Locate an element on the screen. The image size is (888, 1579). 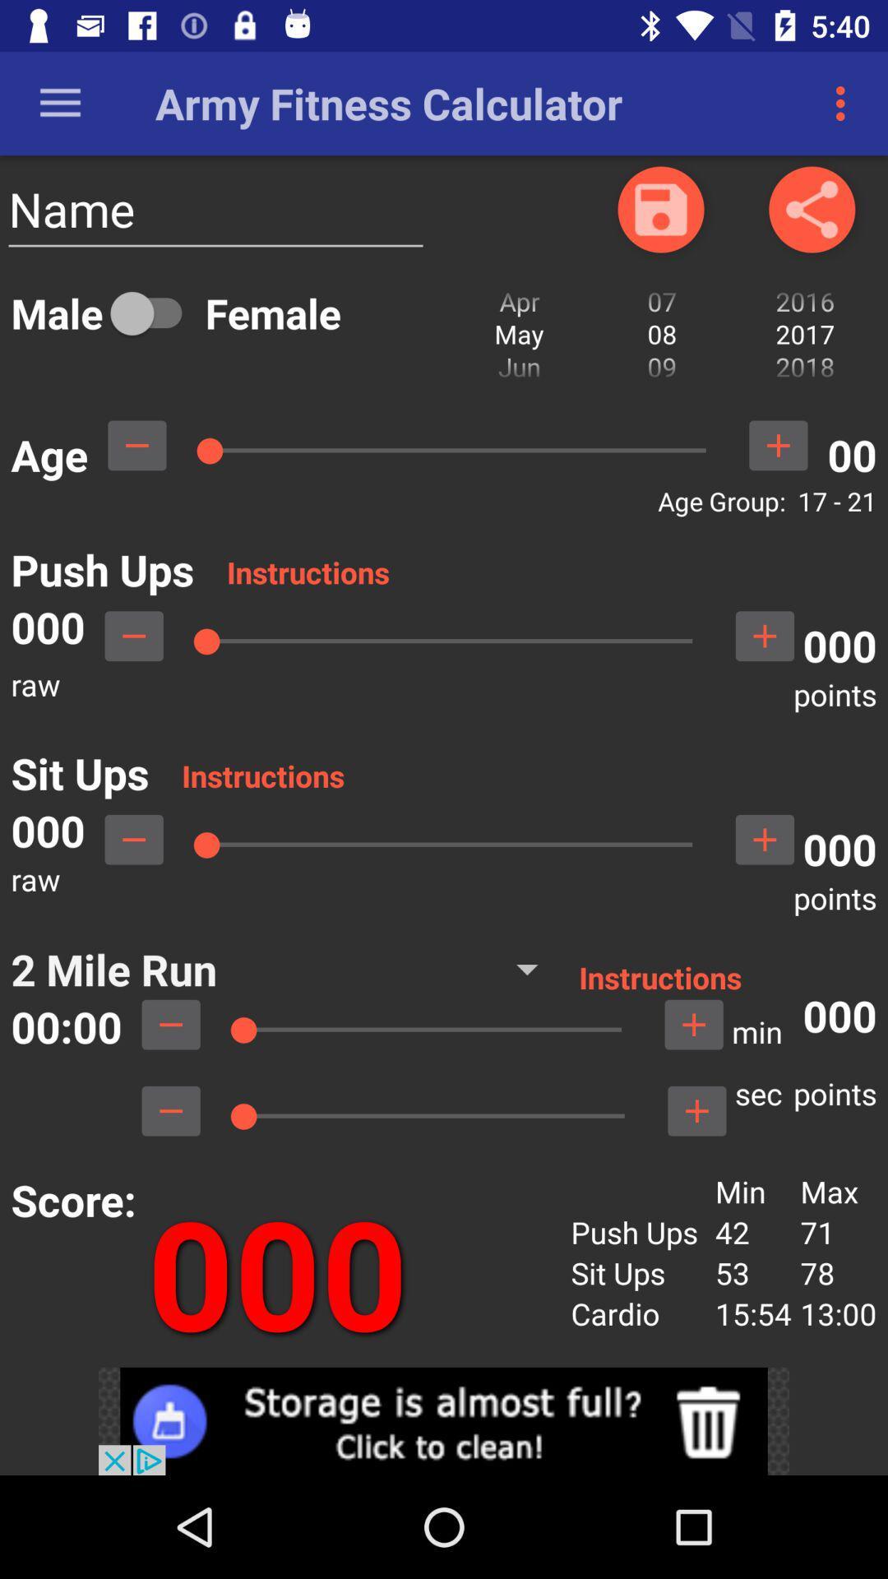
gender is located at coordinates (154, 313).